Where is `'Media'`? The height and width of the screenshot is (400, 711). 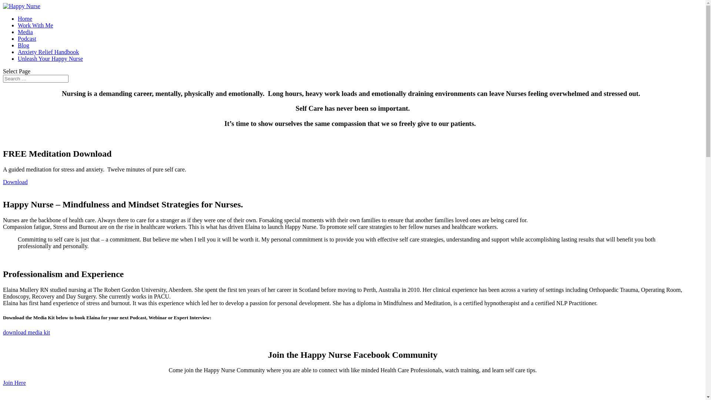 'Media' is located at coordinates (25, 31).